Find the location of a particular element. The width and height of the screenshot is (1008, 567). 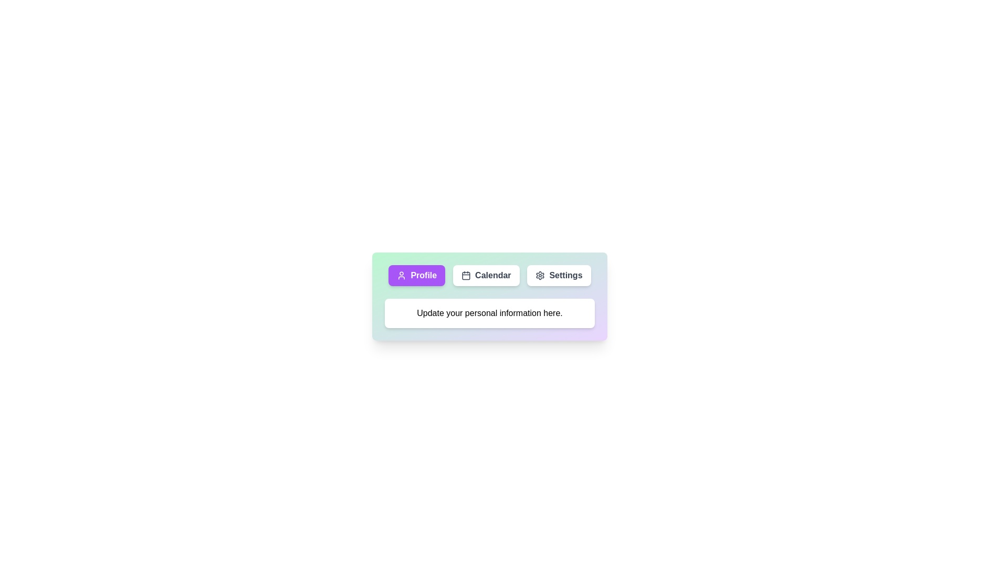

the user profile icon located to the left of the 'Profile' button, which is the first button in a group of buttons including 'Calendar' and 'Settings' is located at coordinates (401, 275).